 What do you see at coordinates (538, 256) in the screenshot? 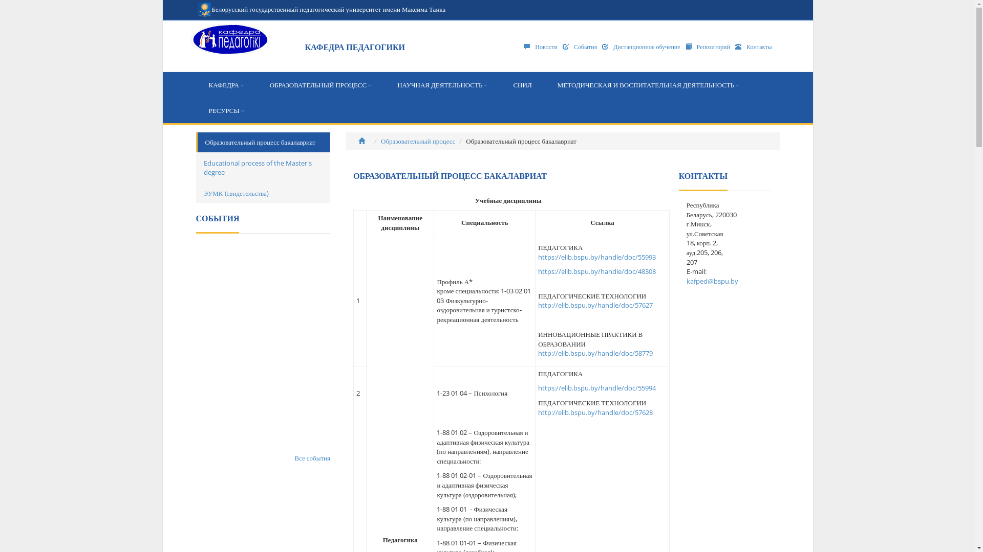
I see `'https://elib.bspu.by/handle/doc/55993'` at bounding box center [538, 256].